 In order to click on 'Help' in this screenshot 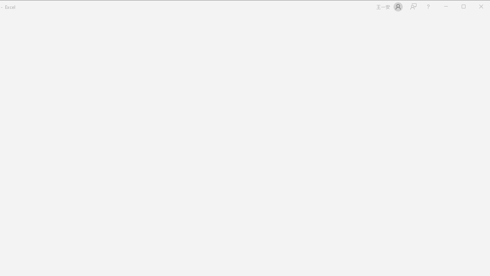, I will do `click(428, 7)`.